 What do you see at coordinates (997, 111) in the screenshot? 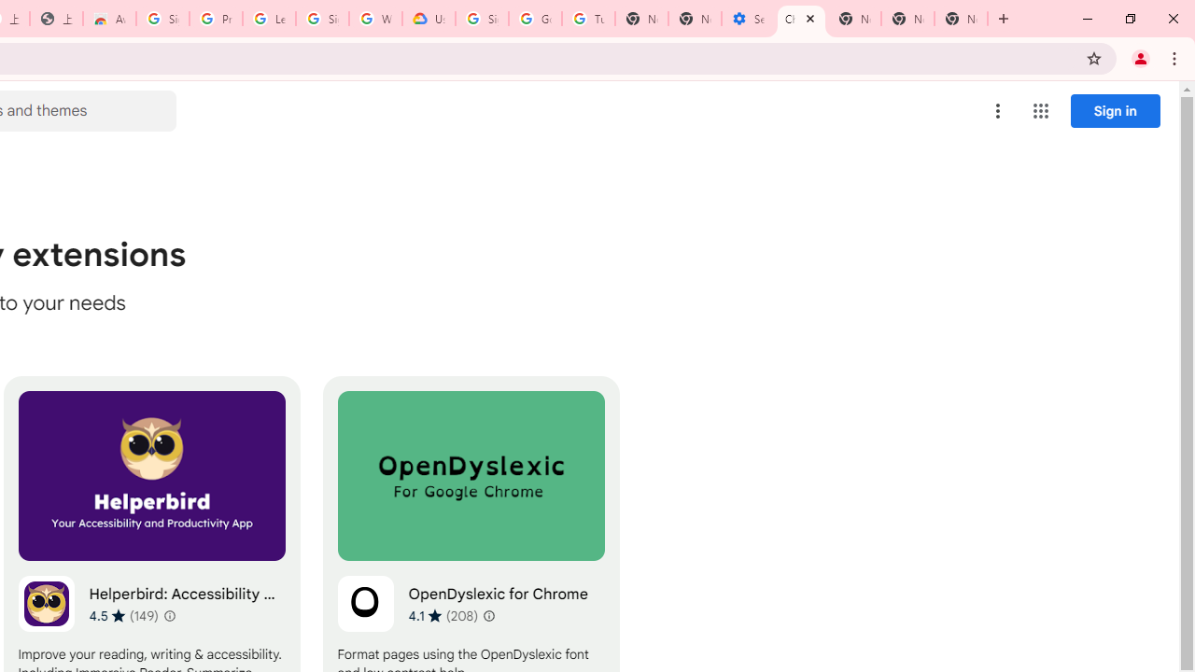
I see `'More options menu'` at bounding box center [997, 111].